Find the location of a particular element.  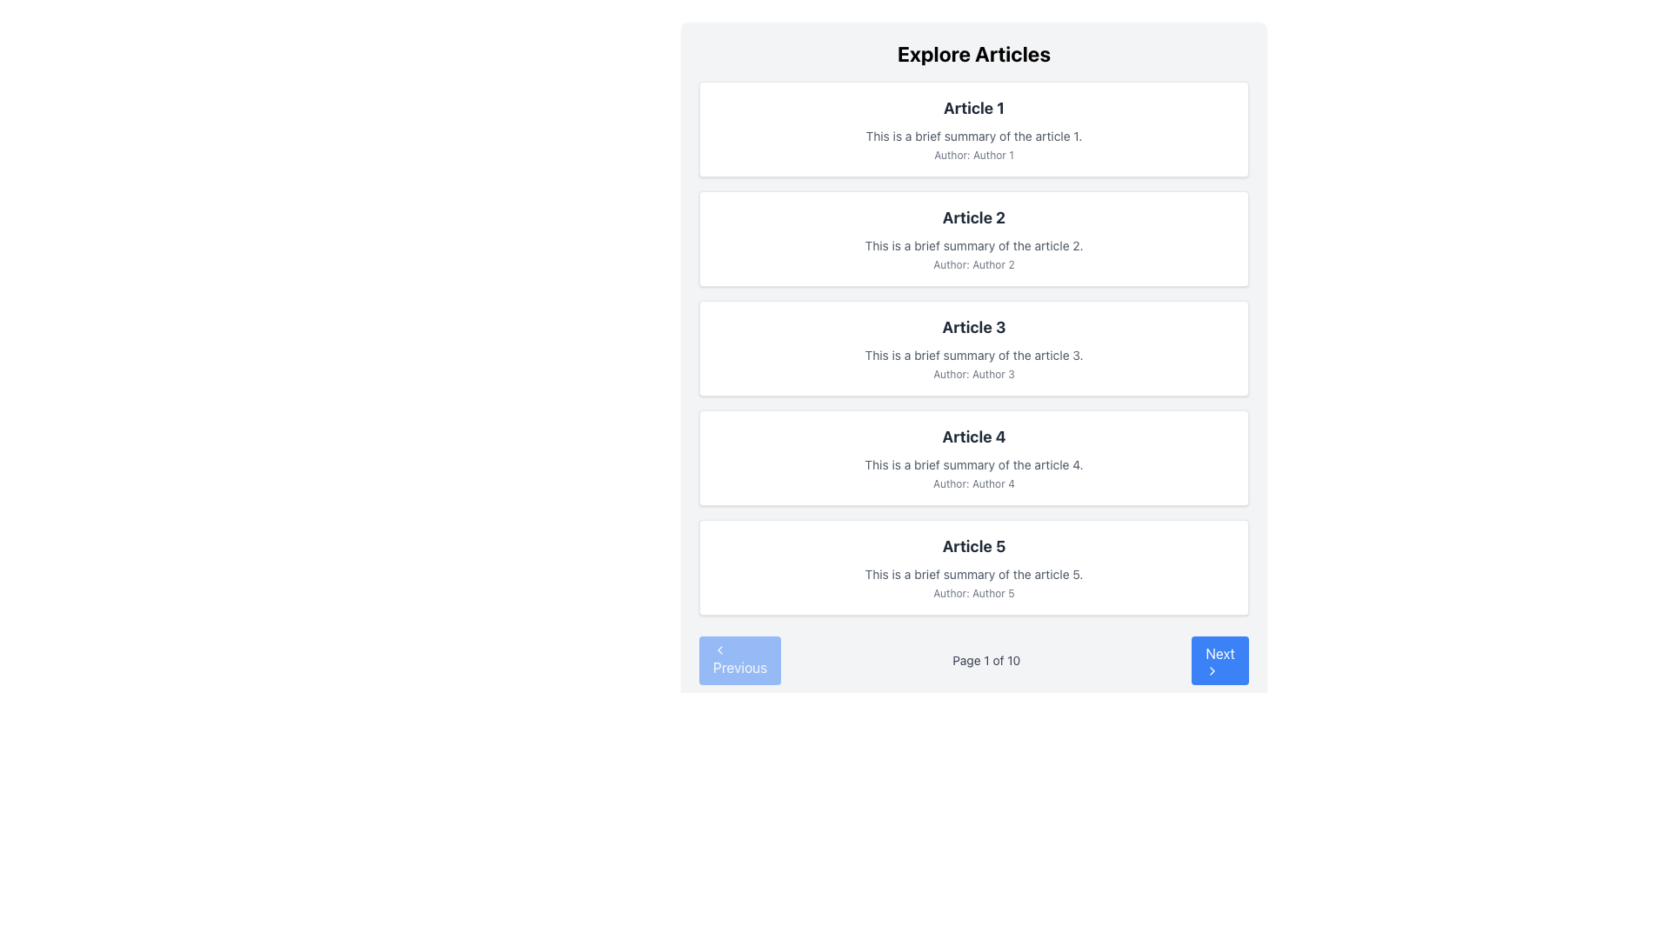

the second article card in the center of the interface, which contains a title, summary, and author's name is located at coordinates (972, 238).